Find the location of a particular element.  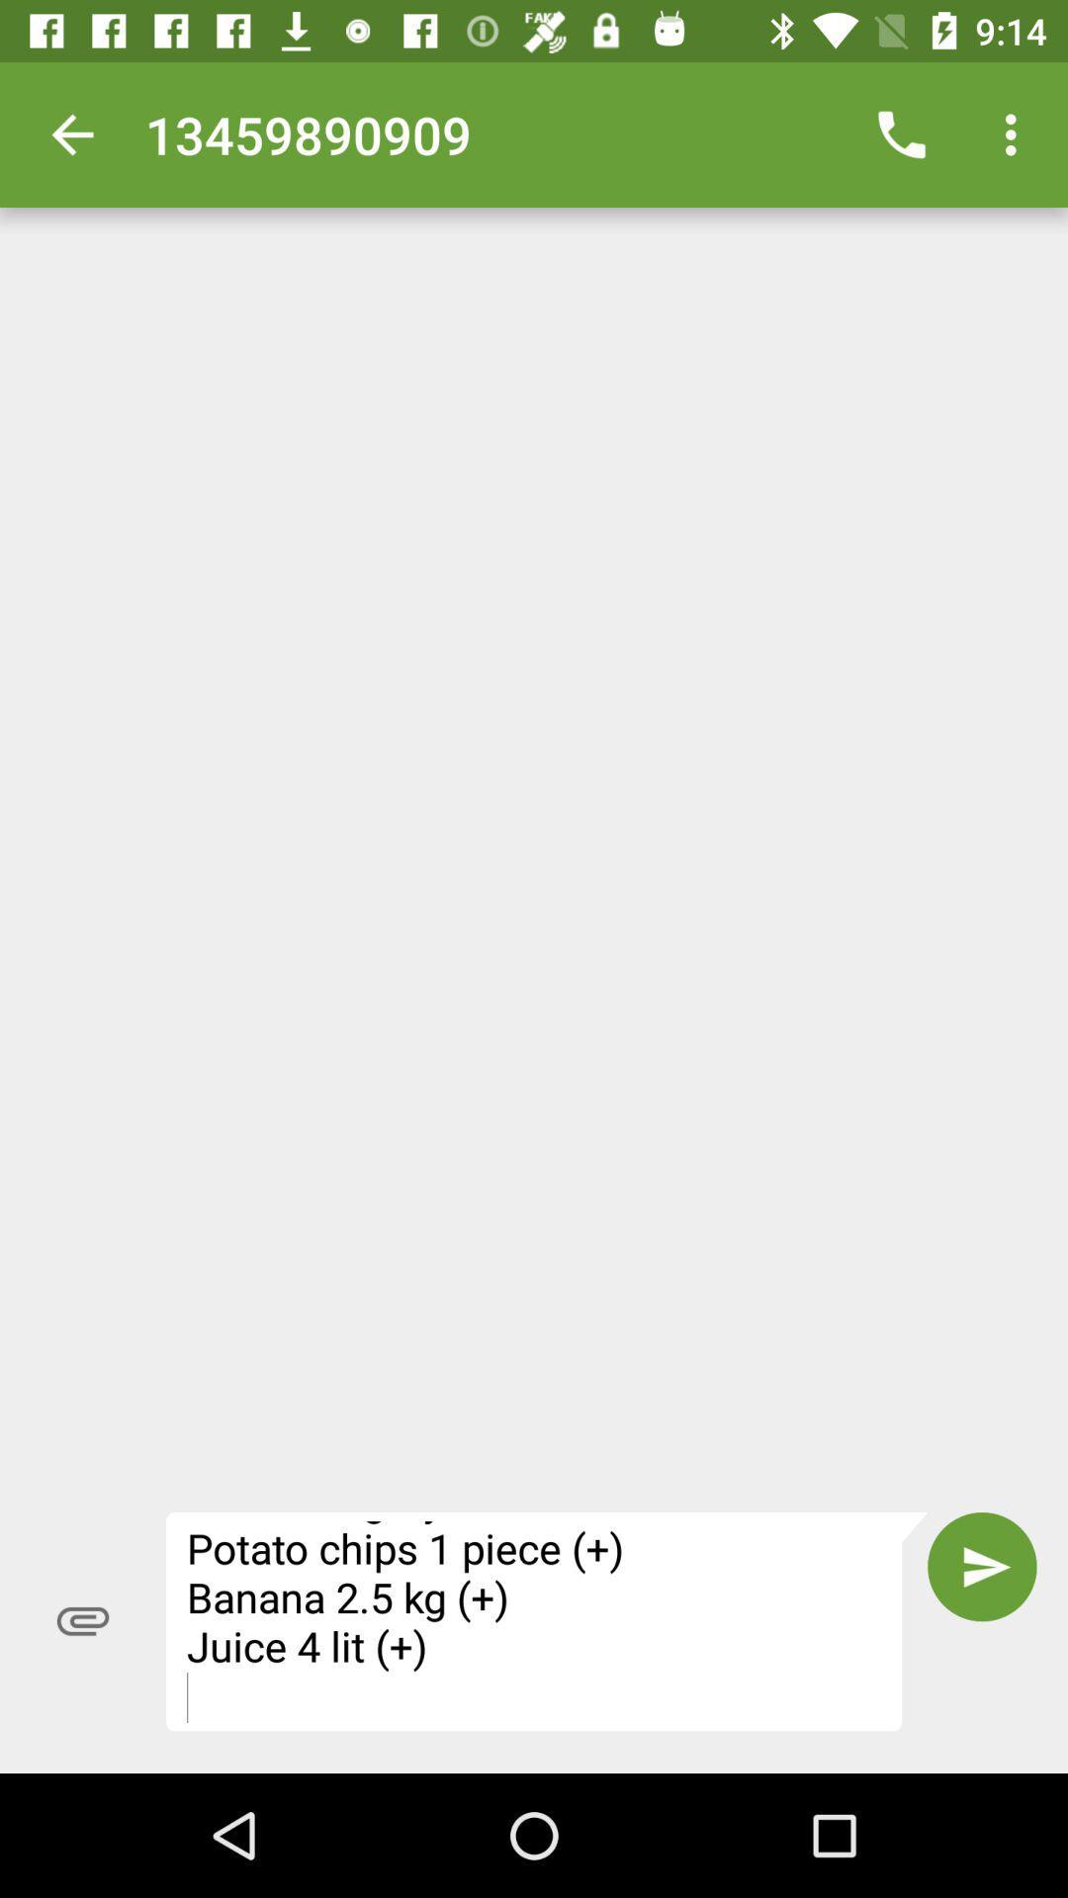

the attach_file icon is located at coordinates (82, 1621).